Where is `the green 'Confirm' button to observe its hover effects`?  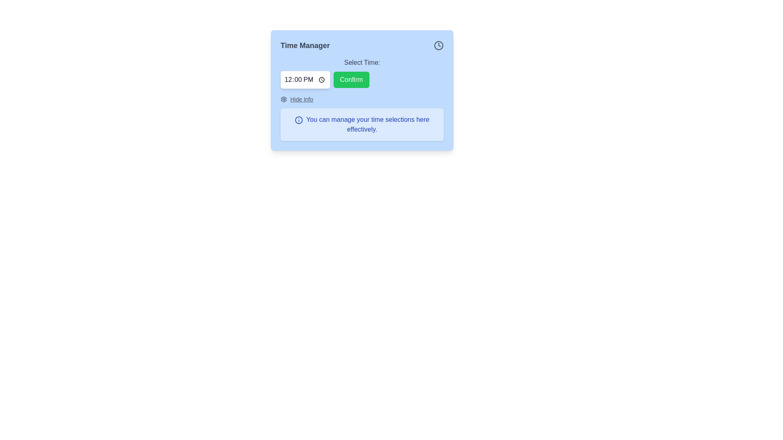 the green 'Confirm' button to observe its hover effects is located at coordinates (362, 80).